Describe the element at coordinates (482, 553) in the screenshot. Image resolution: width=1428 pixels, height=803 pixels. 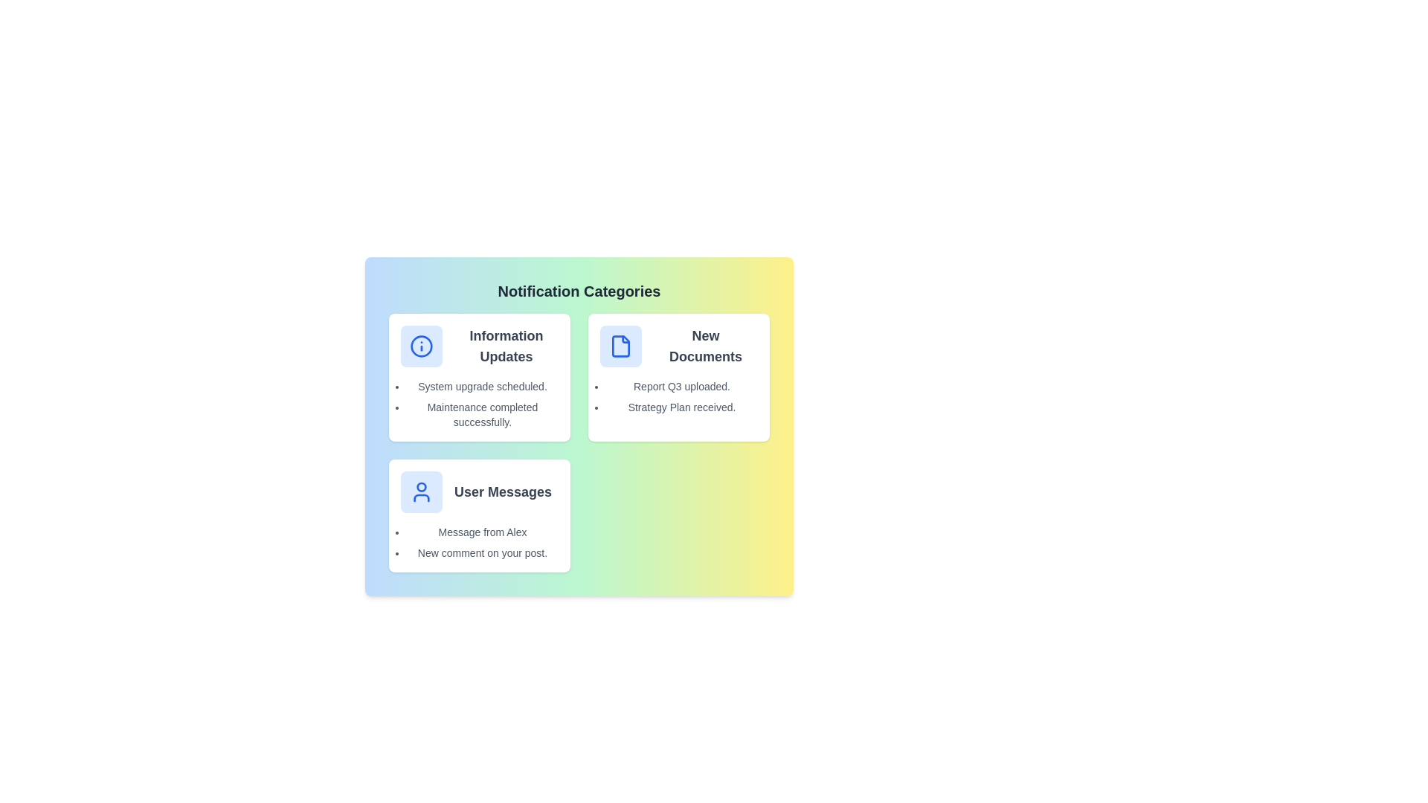
I see `the notification text 'New comment on your post.' to show the context menu` at that location.